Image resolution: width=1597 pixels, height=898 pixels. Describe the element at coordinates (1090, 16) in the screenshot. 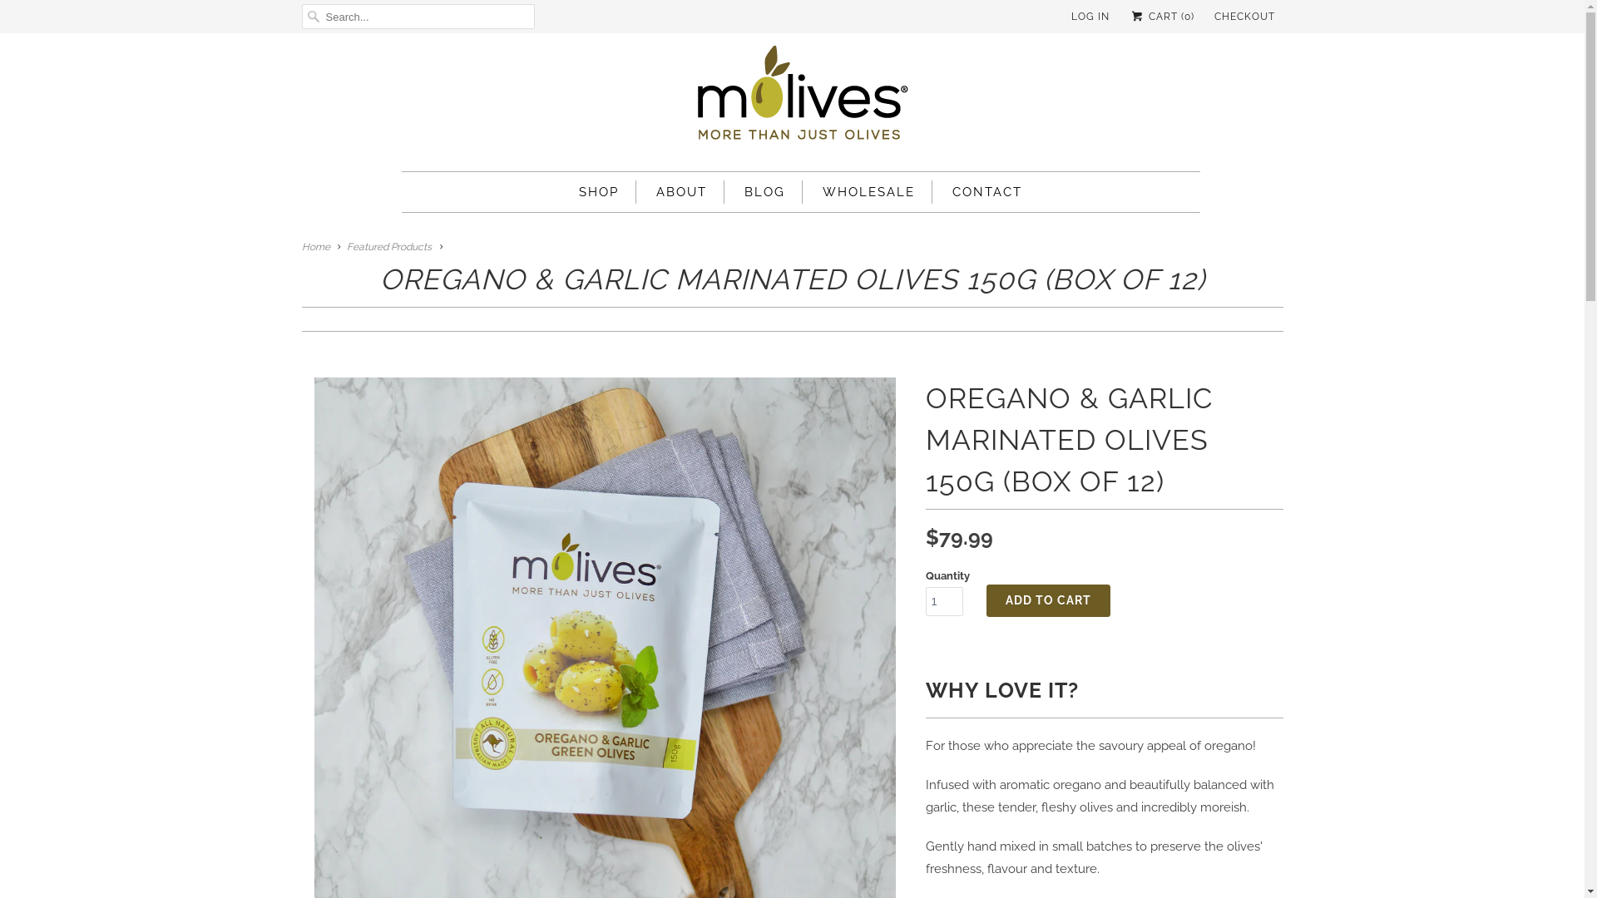

I see `'LOG IN'` at that location.